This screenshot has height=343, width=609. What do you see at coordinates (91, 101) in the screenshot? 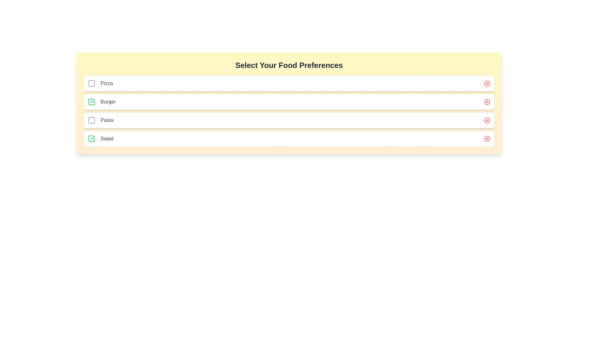
I see `the checkbox indicator for the food preference 'Salad', located in the last row of the selection list` at bounding box center [91, 101].